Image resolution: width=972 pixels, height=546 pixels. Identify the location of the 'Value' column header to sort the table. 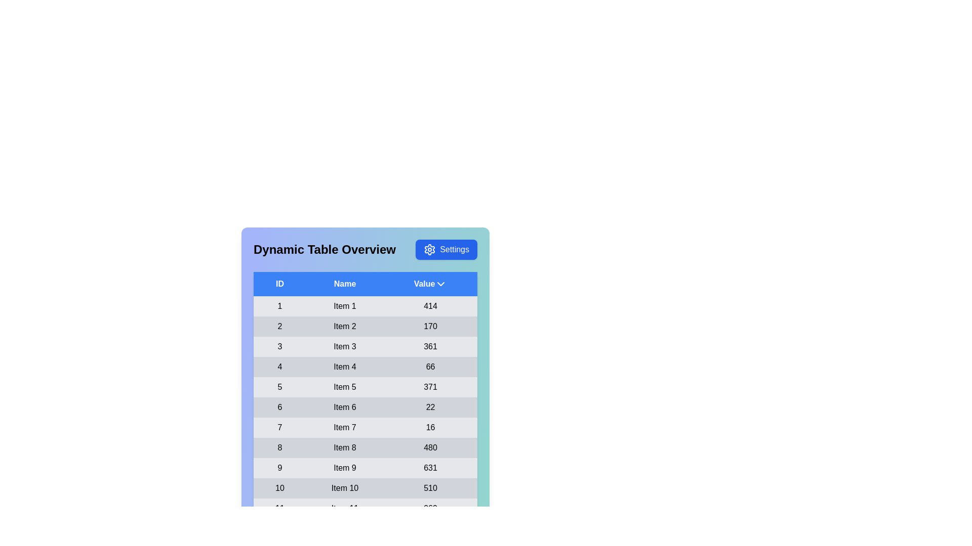
(430, 284).